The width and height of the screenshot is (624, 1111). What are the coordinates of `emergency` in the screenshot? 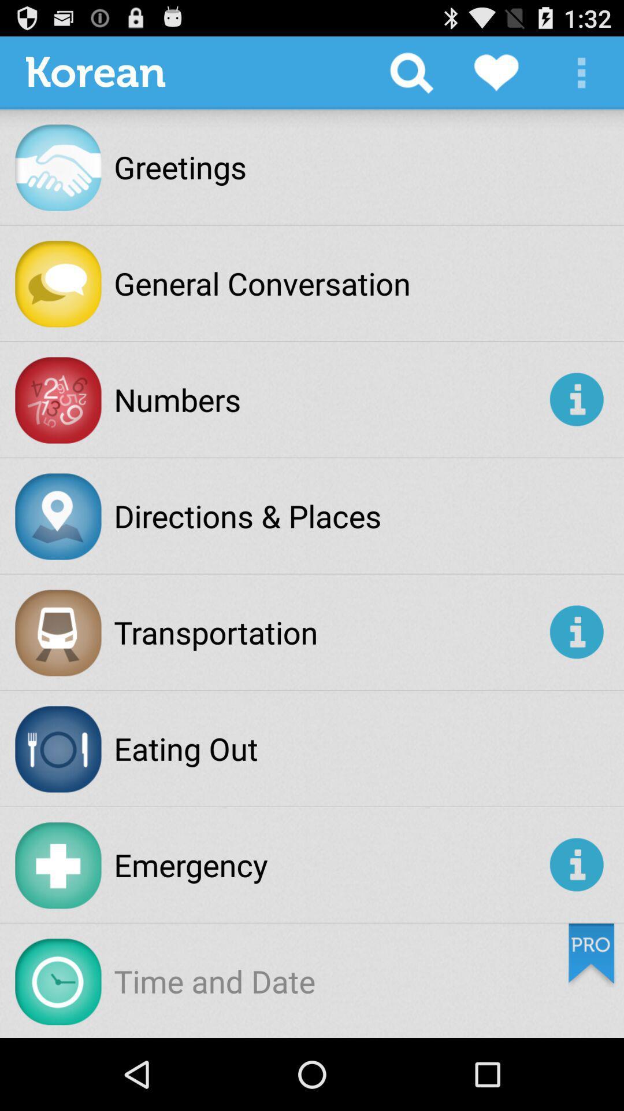 It's located at (329, 864).